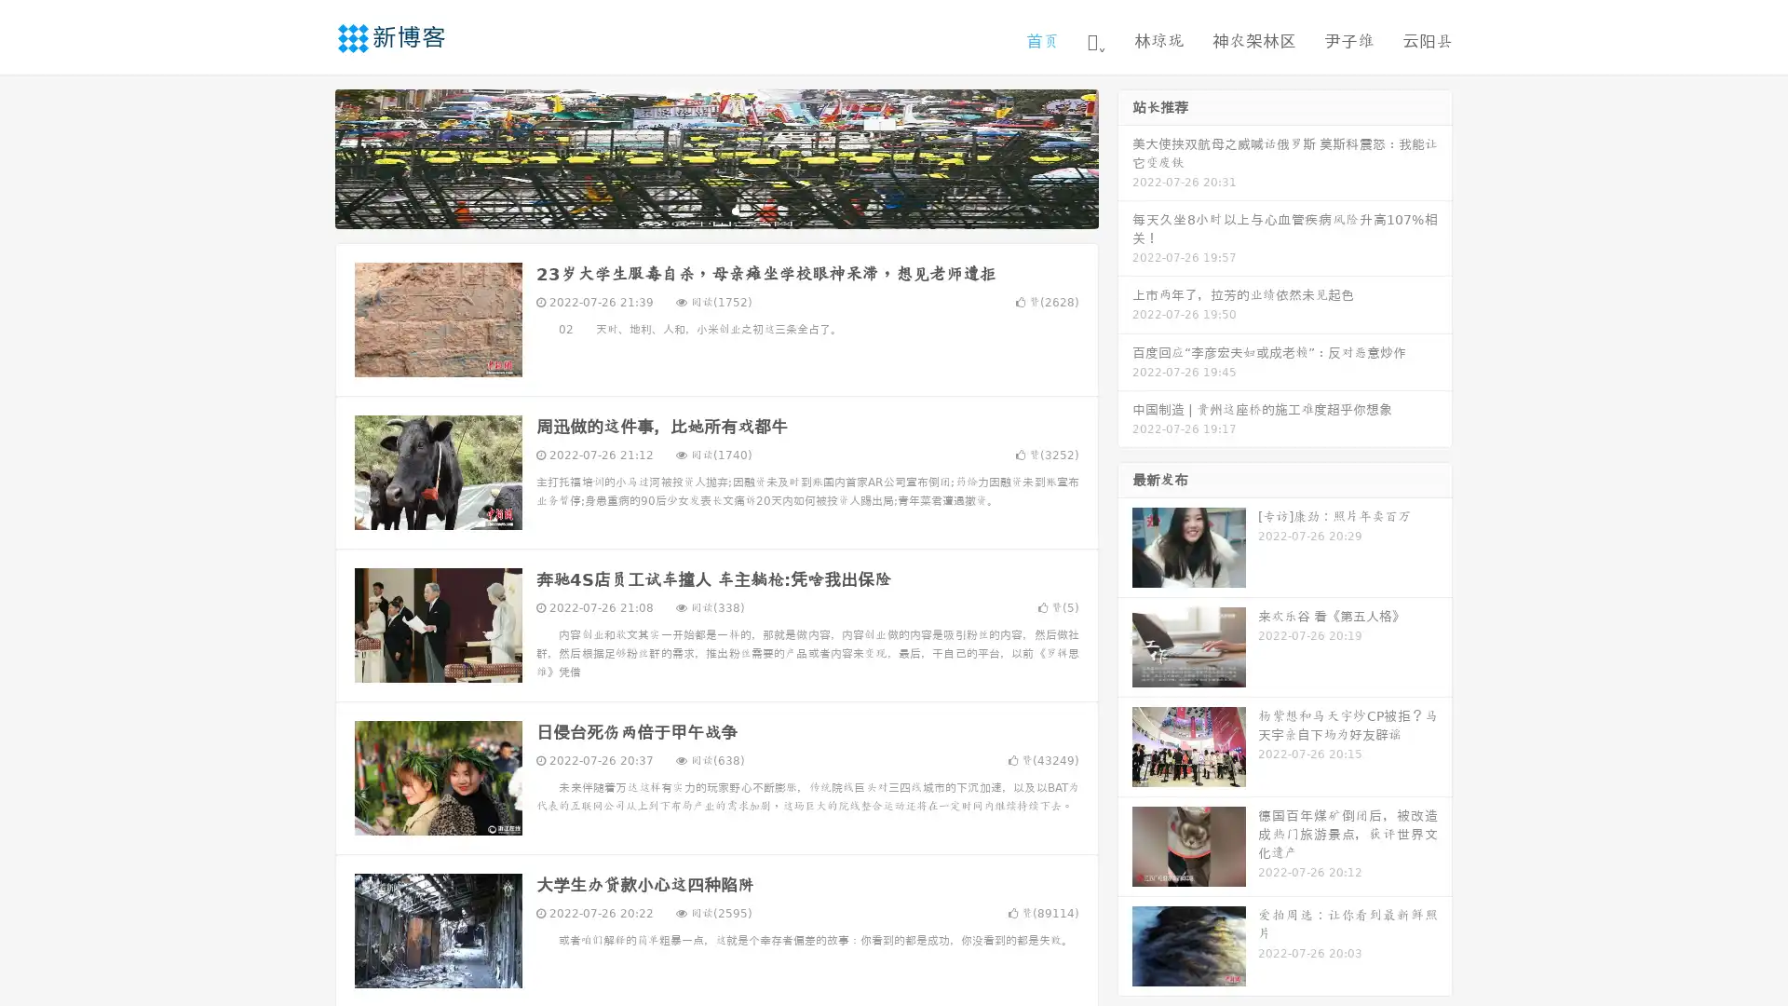 The width and height of the screenshot is (1788, 1006). Describe the element at coordinates (697, 210) in the screenshot. I see `Go to slide 1` at that location.